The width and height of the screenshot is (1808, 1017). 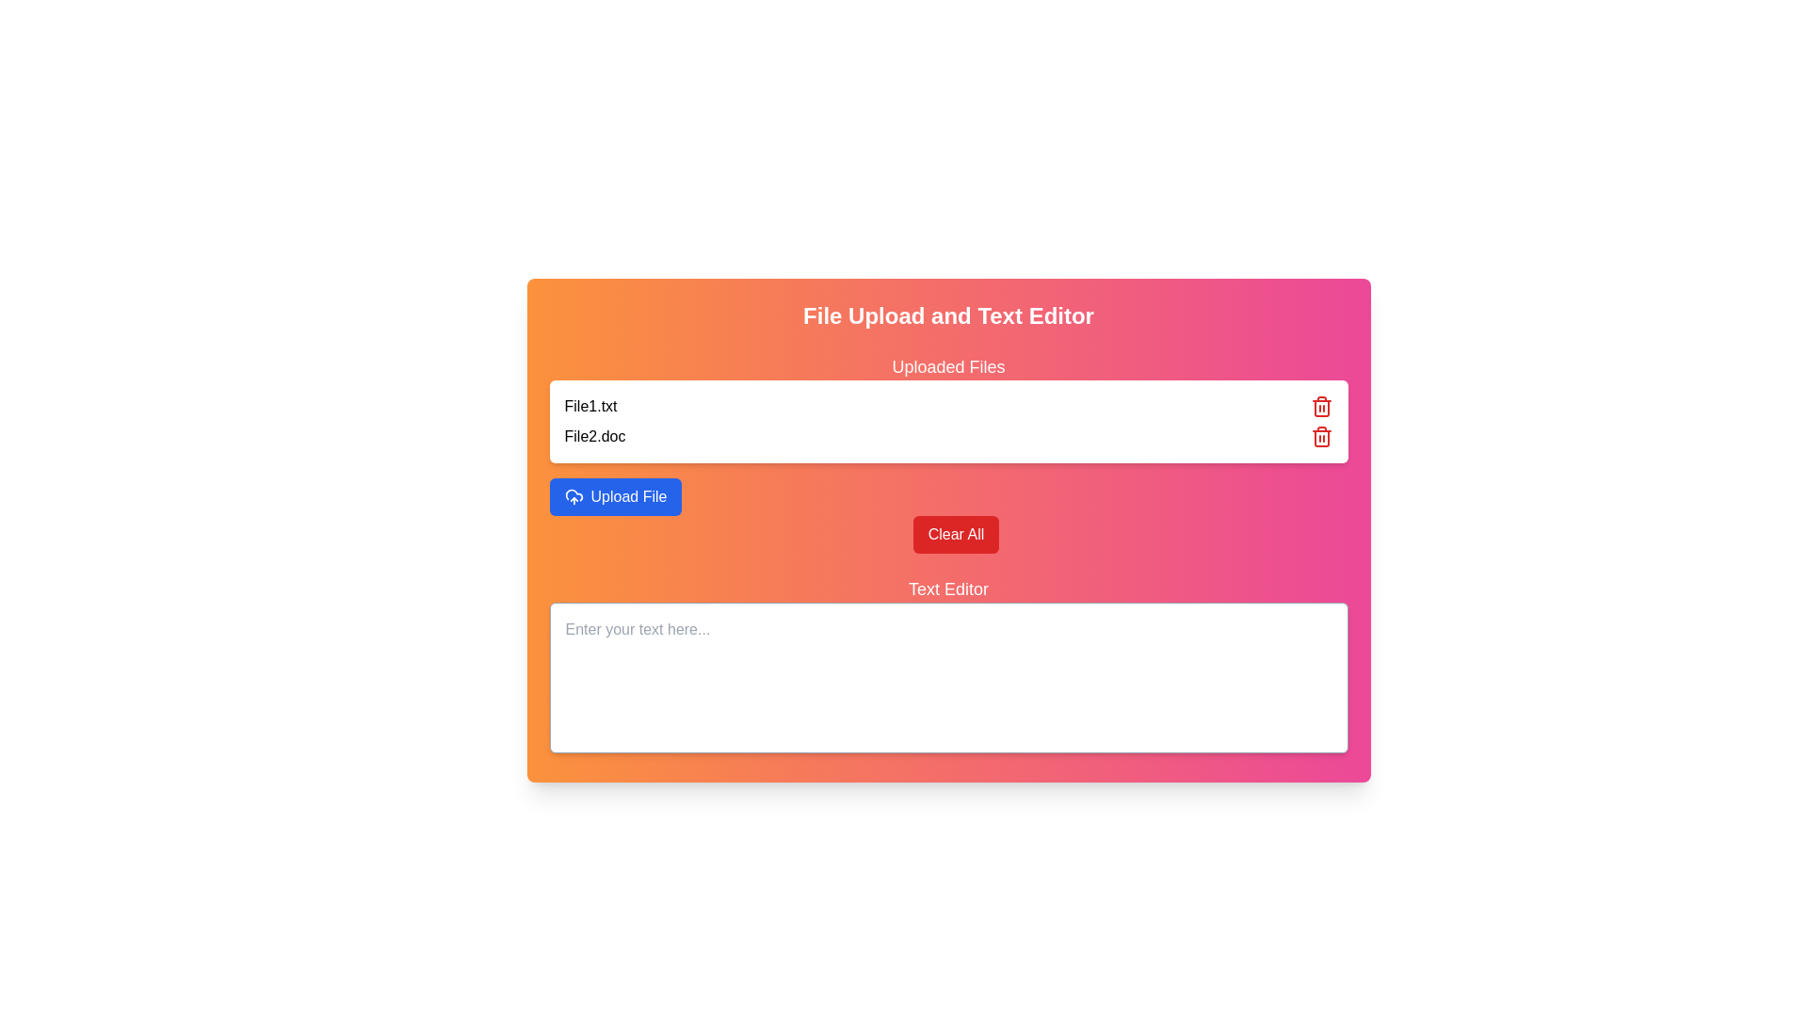 What do you see at coordinates (589, 406) in the screenshot?
I see `the static text label displaying 'File1.txt' in the 'Uploaded Files' section, which is located to the left of the trash icon` at bounding box center [589, 406].